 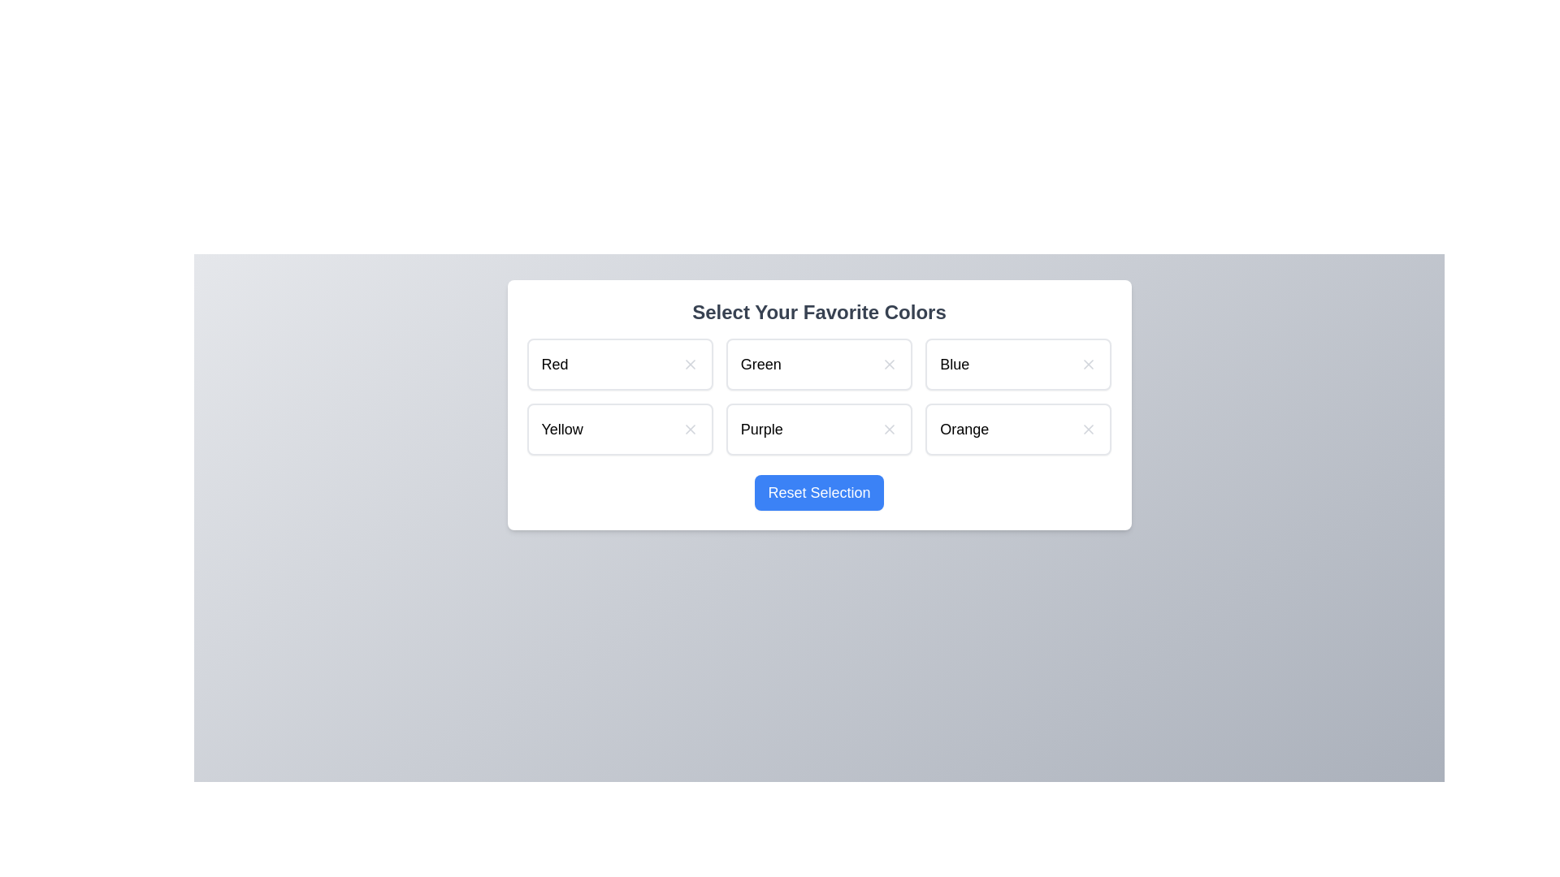 What do you see at coordinates (819, 428) in the screenshot?
I see `the color Purple` at bounding box center [819, 428].